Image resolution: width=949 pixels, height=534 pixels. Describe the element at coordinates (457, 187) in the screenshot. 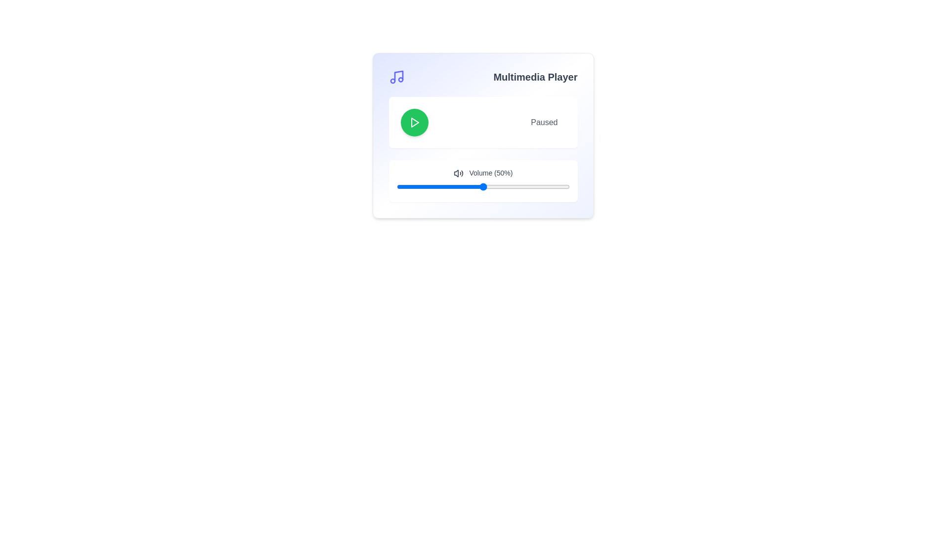

I see `the volume slider` at that location.